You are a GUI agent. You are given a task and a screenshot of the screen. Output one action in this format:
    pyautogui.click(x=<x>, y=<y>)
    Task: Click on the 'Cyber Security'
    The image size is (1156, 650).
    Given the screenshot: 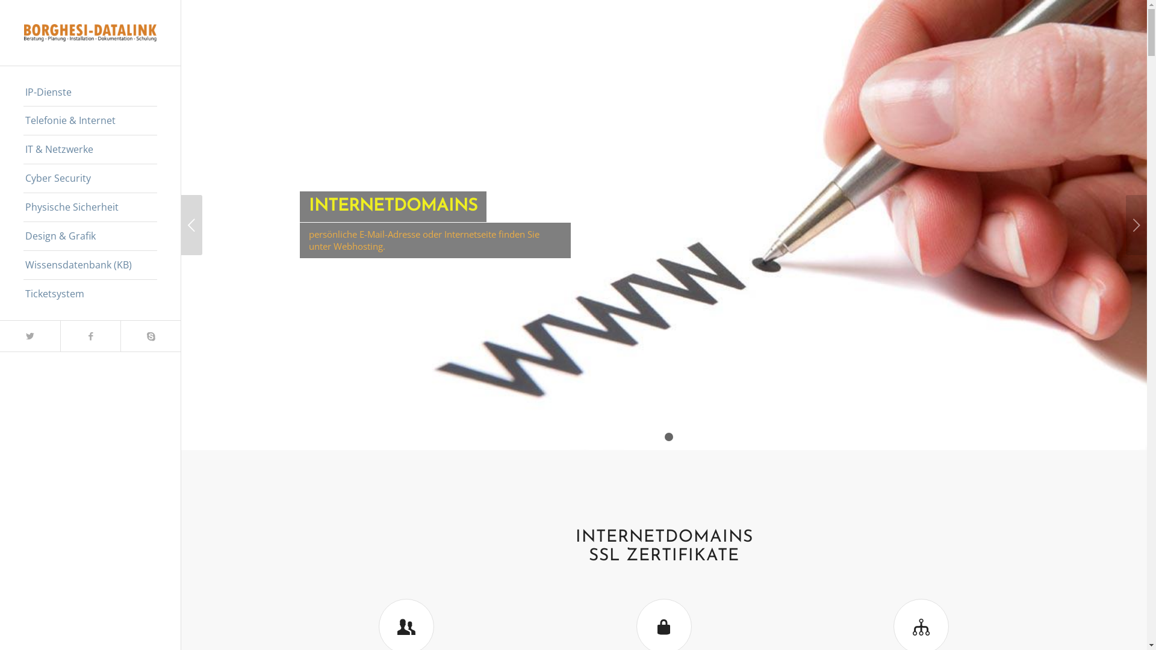 What is the action you would take?
    pyautogui.click(x=89, y=179)
    